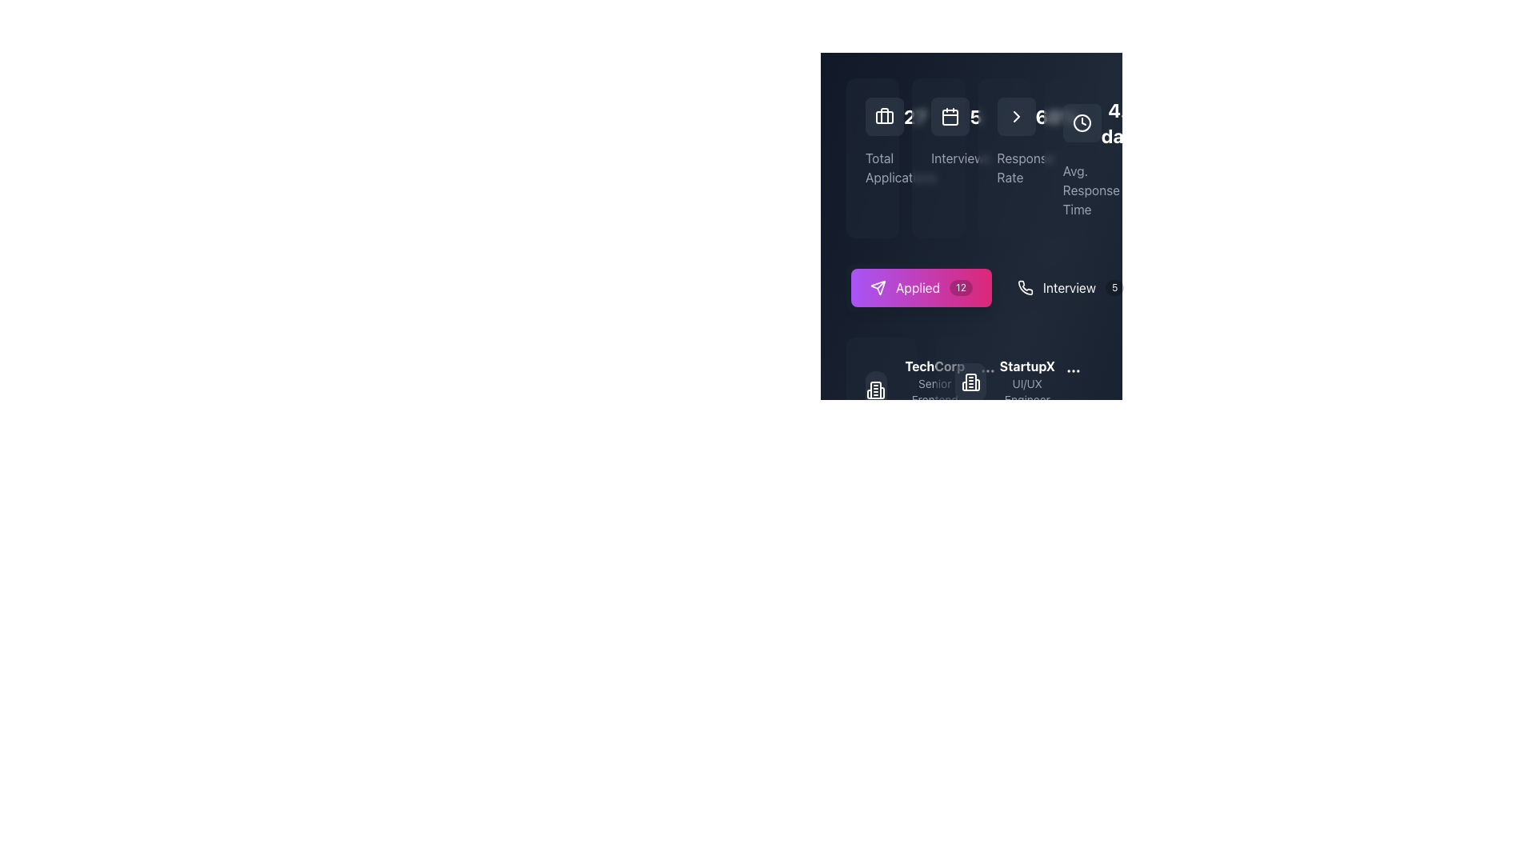  What do you see at coordinates (1015, 116) in the screenshot?
I see `the presence of the thin, right-pointing chevron-shaped icon that is part of the Response Rate statistics group near the top section of the interface` at bounding box center [1015, 116].